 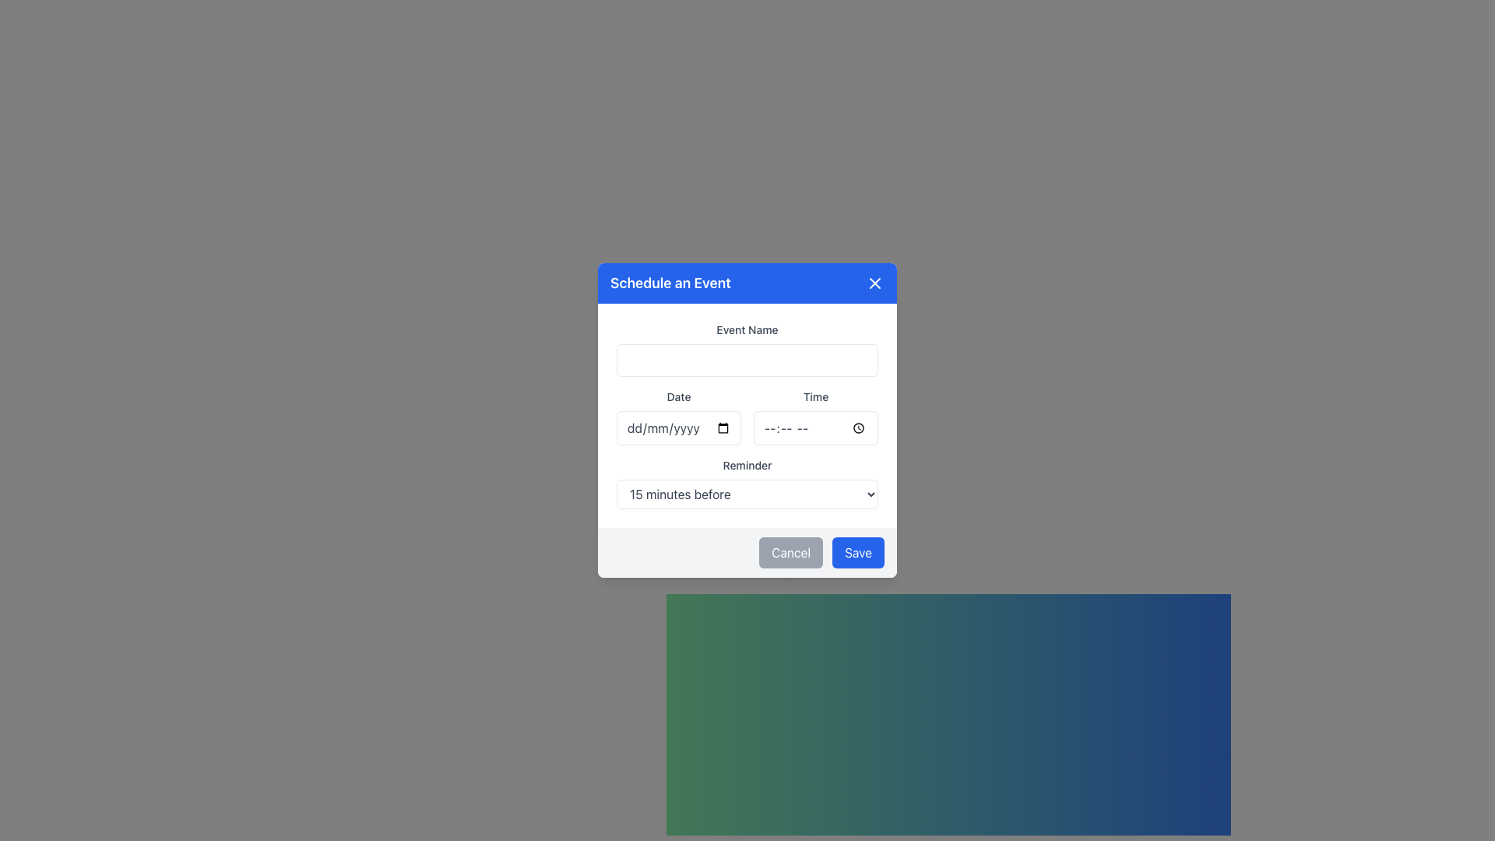 What do you see at coordinates (747, 483) in the screenshot?
I see `the 'Reminder' dropdown menu` at bounding box center [747, 483].